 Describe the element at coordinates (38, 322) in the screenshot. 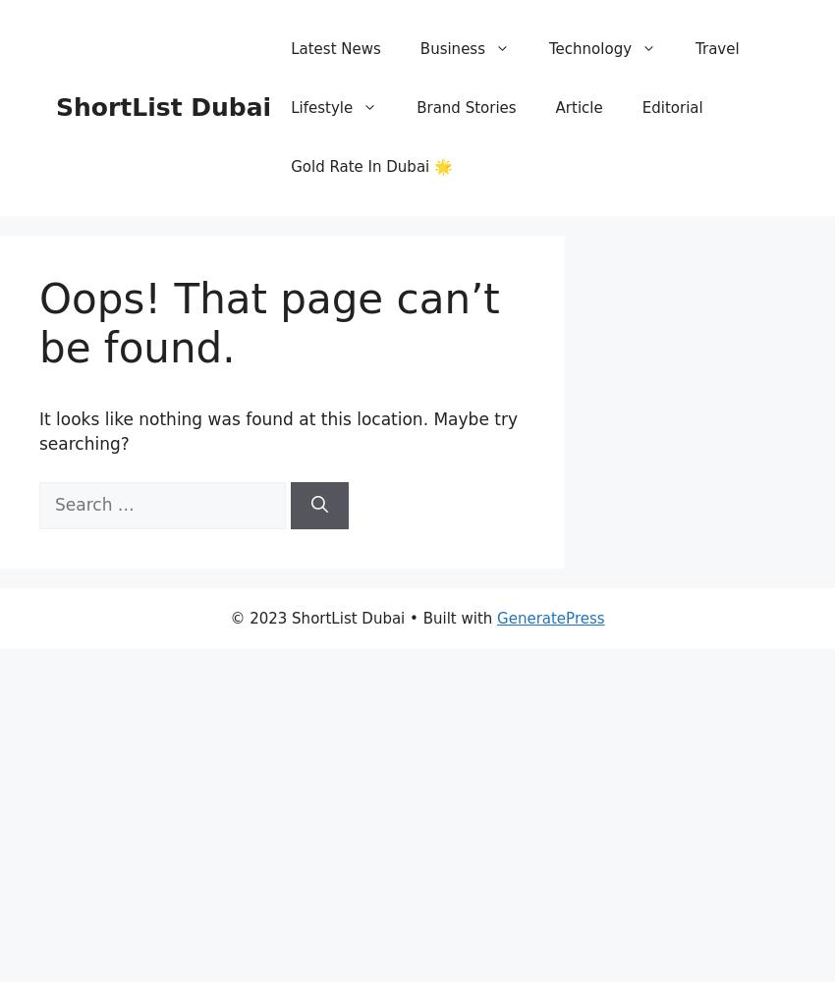

I see `'Oops! That page can’t be found.'` at that location.